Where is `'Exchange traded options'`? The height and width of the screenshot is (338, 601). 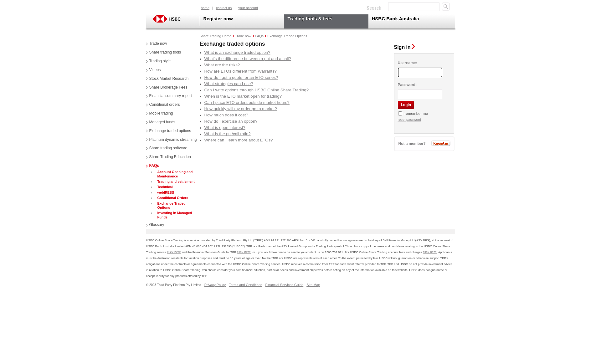
'Exchange traded options' is located at coordinates (168, 131).